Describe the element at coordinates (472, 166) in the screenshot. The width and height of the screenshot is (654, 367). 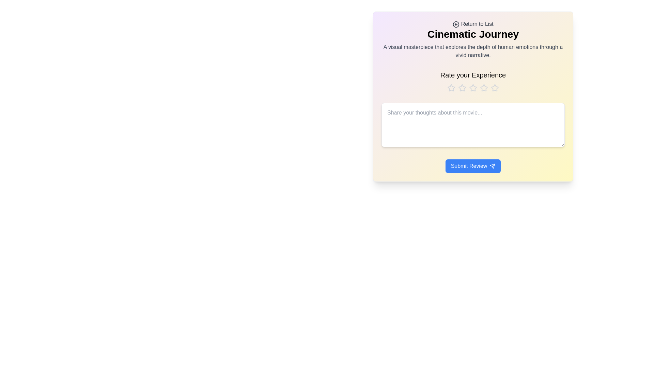
I see `the 'Submit Review' button, which is a rectangular button with rounded corners and a blue background, located at the bottom center of a review card layout` at that location.